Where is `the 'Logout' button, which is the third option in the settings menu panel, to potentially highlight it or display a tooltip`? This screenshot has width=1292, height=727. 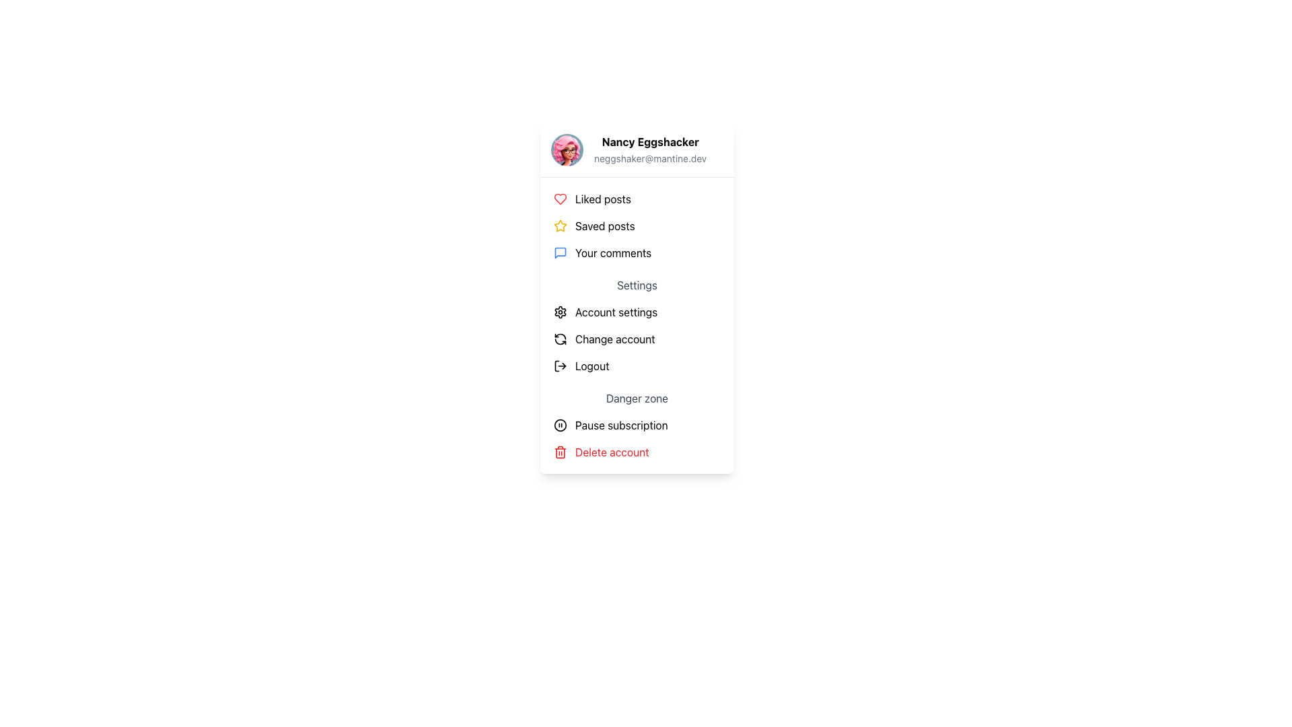
the 'Logout' button, which is the third option in the settings menu panel, to potentially highlight it or display a tooltip is located at coordinates (636, 366).